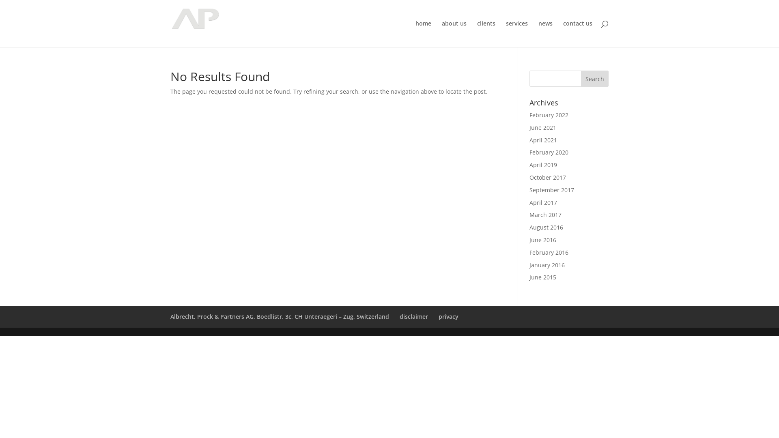  Describe the element at coordinates (415, 33) in the screenshot. I see `'home'` at that location.